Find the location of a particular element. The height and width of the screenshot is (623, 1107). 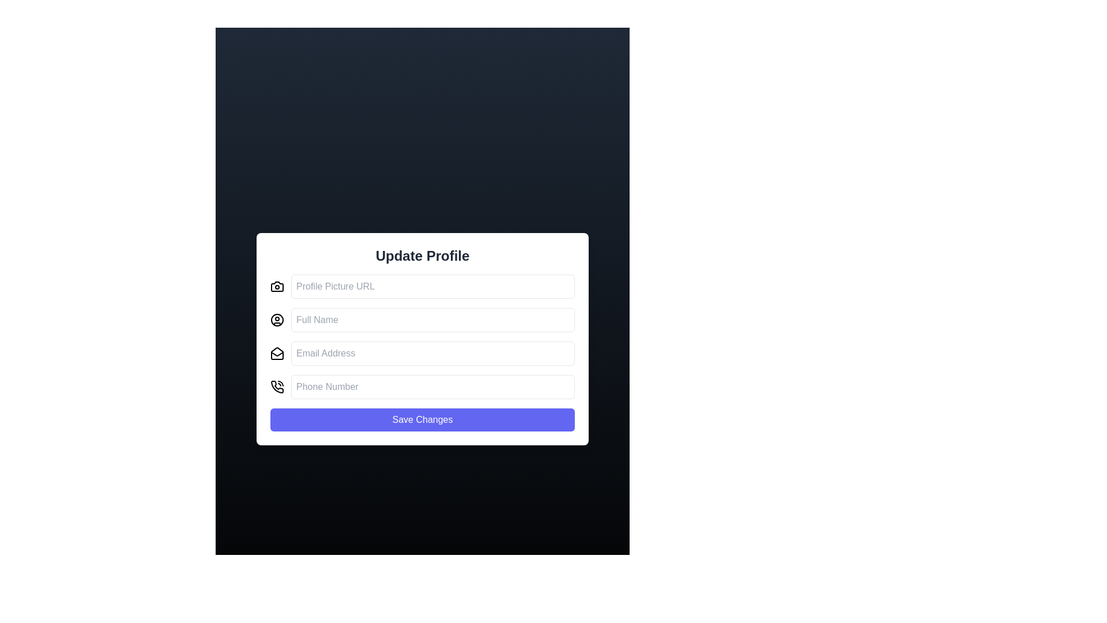

the Header or title text element located at the top of the form, which provides context for the form's purpose is located at coordinates (422, 255).